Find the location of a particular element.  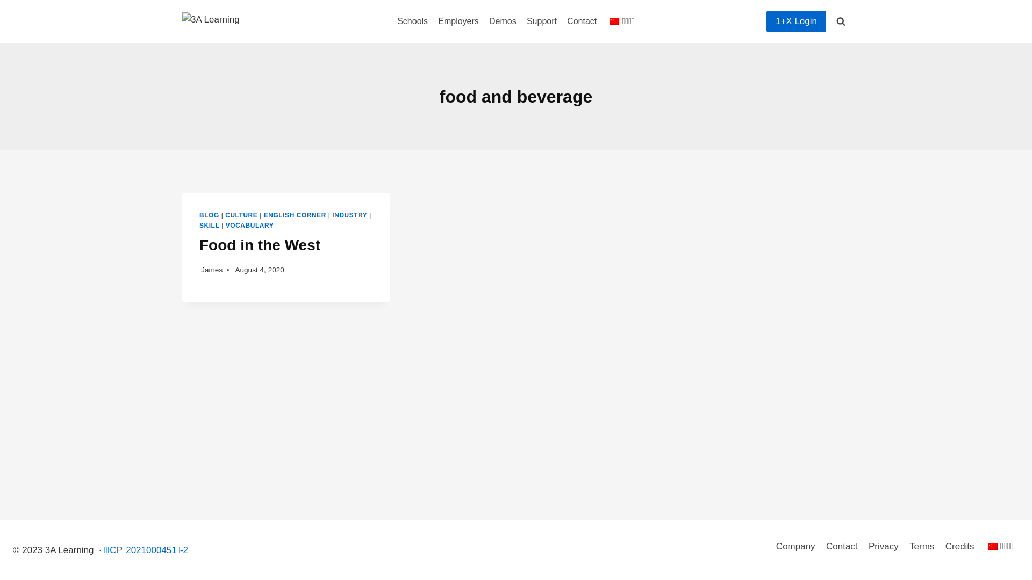

'Company' is located at coordinates (795, 546).